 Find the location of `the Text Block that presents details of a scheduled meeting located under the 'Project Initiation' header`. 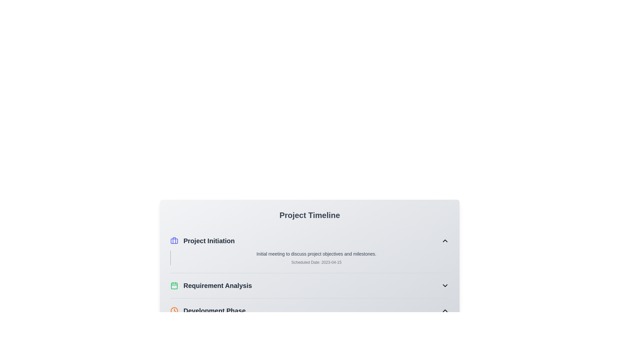

the Text Block that presents details of a scheduled meeting located under the 'Project Initiation' header is located at coordinates (309, 258).